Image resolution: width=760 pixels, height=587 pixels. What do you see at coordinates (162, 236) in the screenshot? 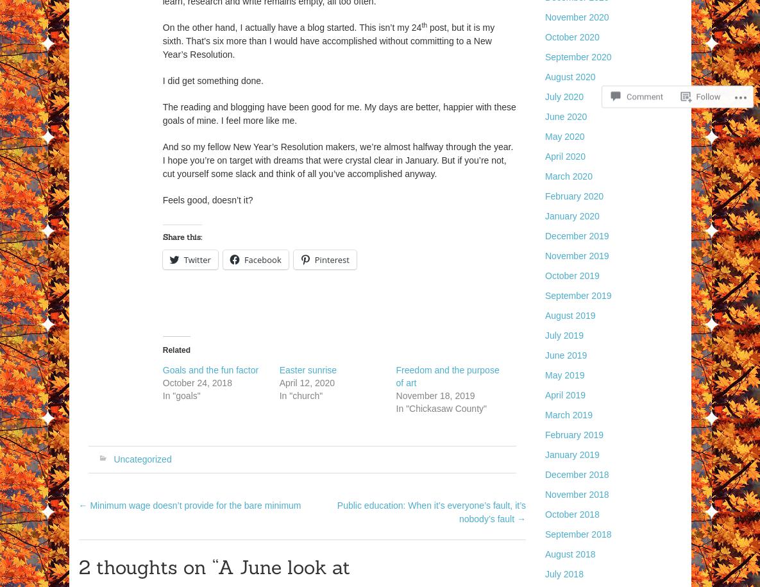
I see `'Share this:'` at bounding box center [162, 236].